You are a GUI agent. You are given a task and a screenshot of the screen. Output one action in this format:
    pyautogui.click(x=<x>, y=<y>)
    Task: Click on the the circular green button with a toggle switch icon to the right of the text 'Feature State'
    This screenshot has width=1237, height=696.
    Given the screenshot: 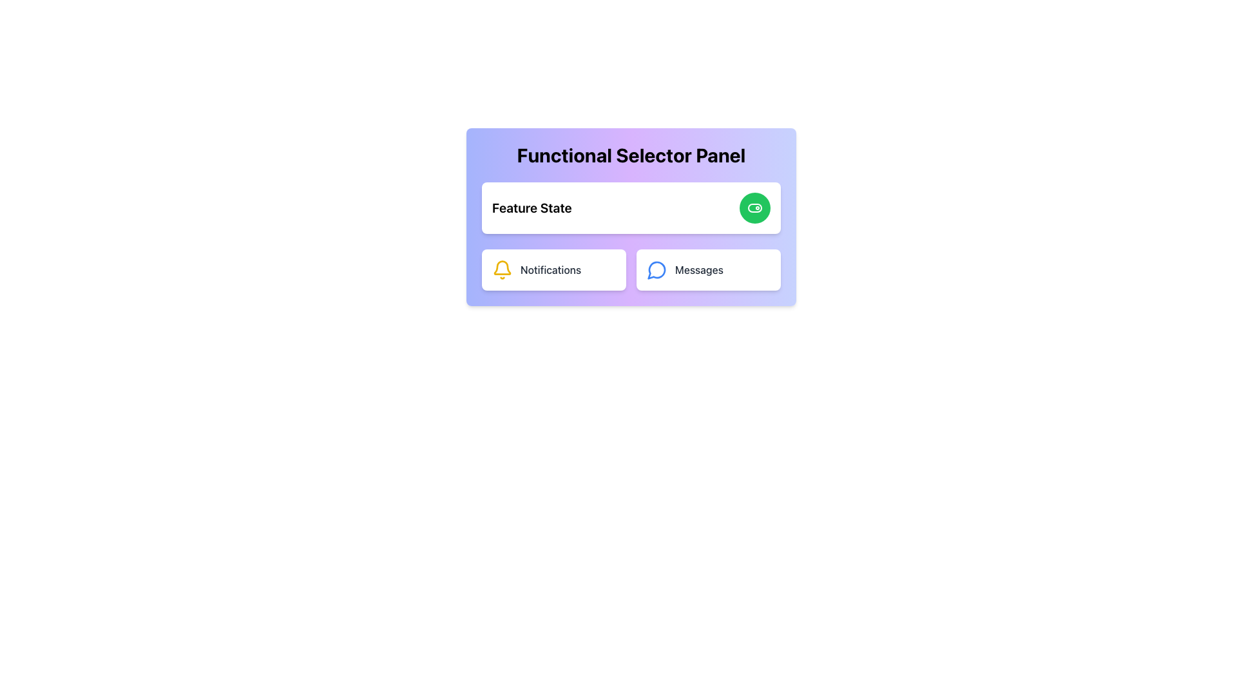 What is the action you would take?
    pyautogui.click(x=754, y=208)
    